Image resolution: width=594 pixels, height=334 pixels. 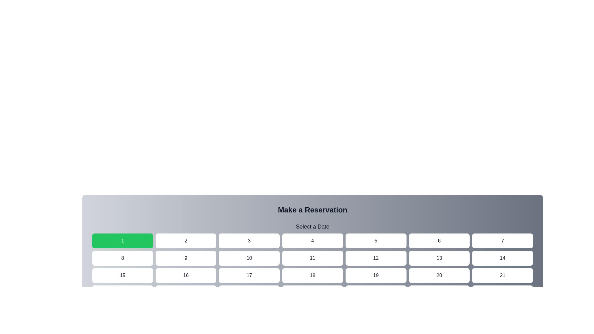 What do you see at coordinates (439, 275) in the screenshot?
I see `the button representing a date in the date picker interface located in the third row and sixth column of the grid layout` at bounding box center [439, 275].